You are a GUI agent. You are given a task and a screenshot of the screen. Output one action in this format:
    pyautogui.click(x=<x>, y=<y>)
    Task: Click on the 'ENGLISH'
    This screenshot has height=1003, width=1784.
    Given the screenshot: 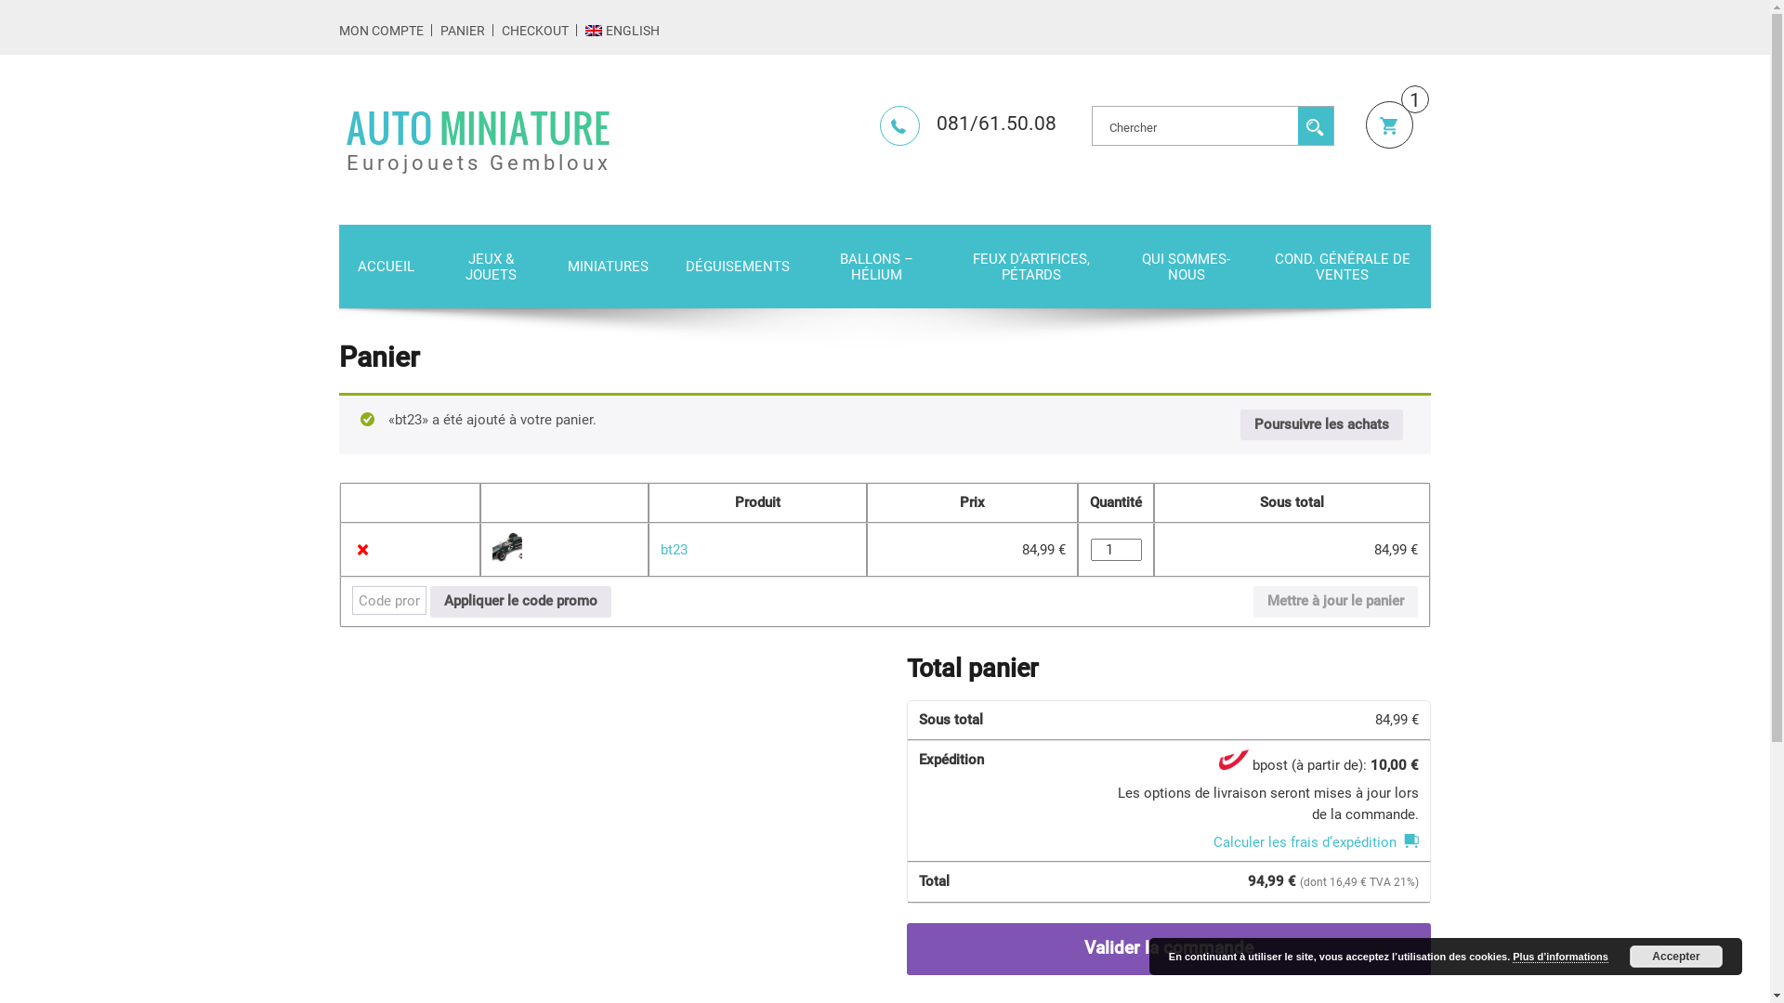 What is the action you would take?
    pyautogui.click(x=623, y=31)
    